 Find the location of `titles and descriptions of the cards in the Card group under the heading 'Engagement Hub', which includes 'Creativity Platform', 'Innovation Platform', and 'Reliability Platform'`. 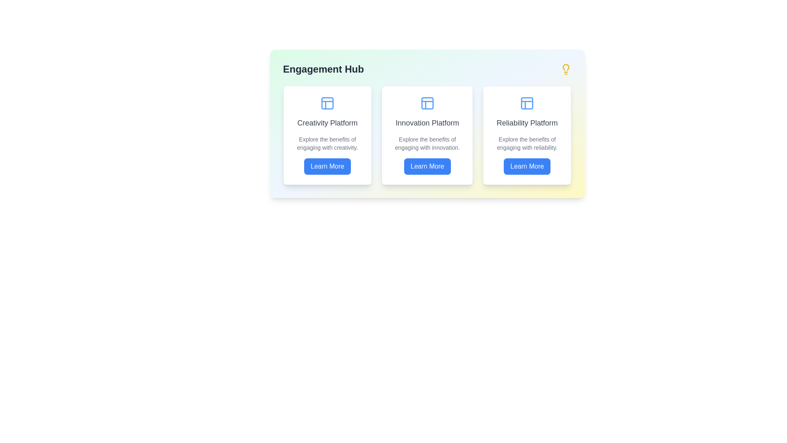

titles and descriptions of the cards in the Card group under the heading 'Engagement Hub', which includes 'Creativity Platform', 'Innovation Platform', and 'Reliability Platform' is located at coordinates (427, 123).